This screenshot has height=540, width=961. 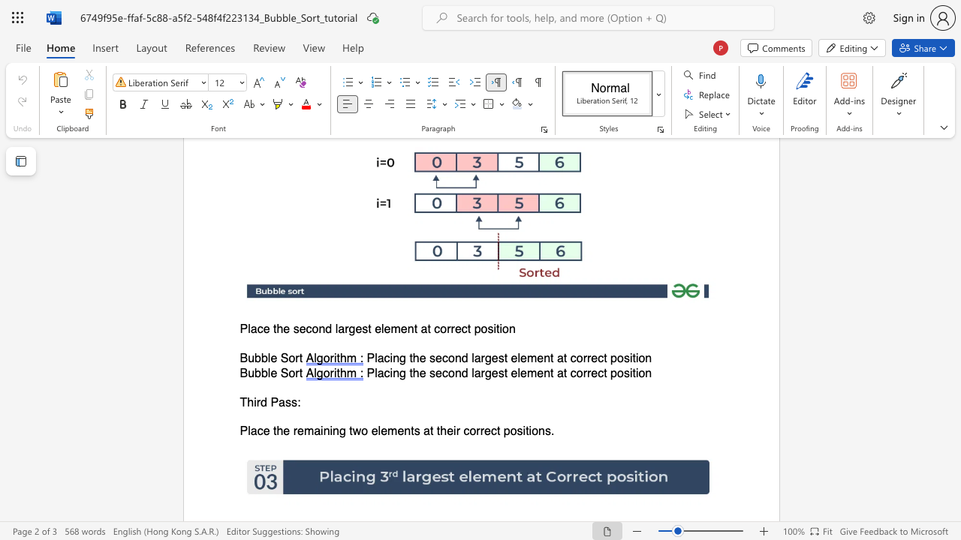 What do you see at coordinates (548, 372) in the screenshot?
I see `the space between the continuous character "n" and "t" in the text` at bounding box center [548, 372].